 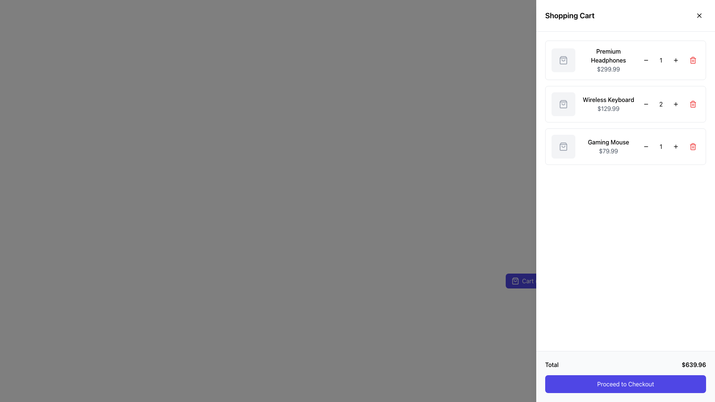 What do you see at coordinates (699, 16) in the screenshot?
I see `the close button located` at bounding box center [699, 16].